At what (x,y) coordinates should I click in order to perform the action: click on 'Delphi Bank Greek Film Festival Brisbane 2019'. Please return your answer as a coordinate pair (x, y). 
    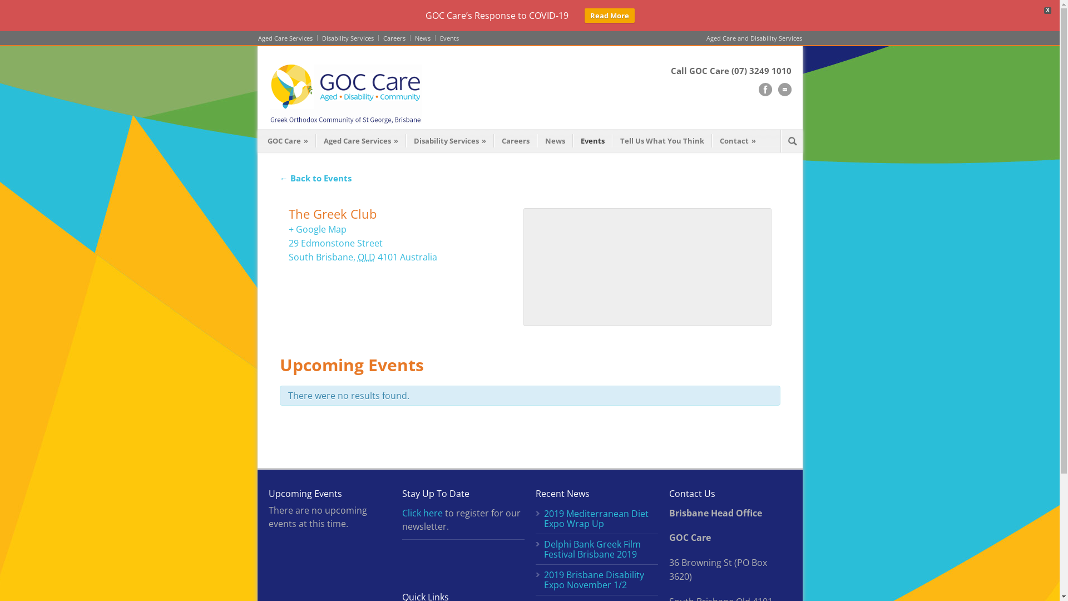
    Looking at the image, I should click on (592, 549).